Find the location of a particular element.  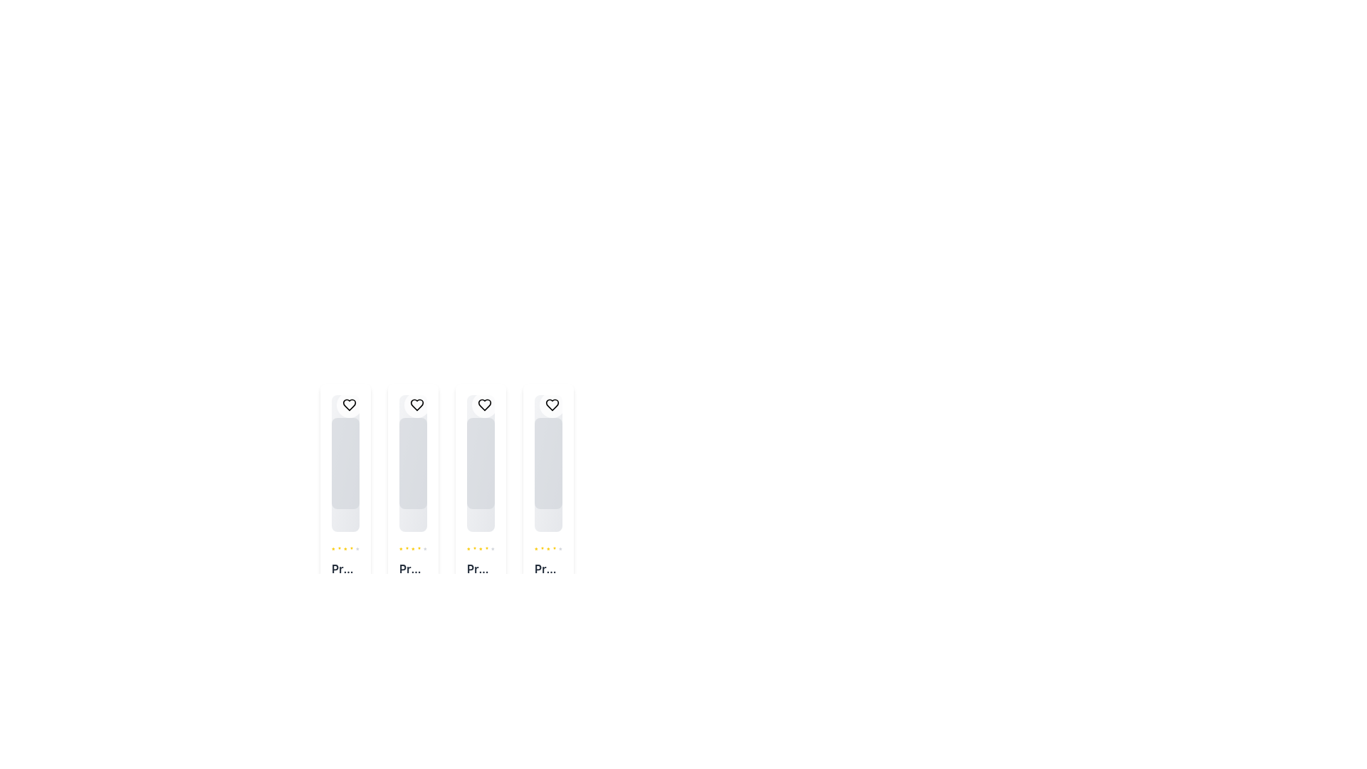

the heart-shaped icon button with a hollow design and black outline, located at the top-right area within a product information card is located at coordinates (349, 405).